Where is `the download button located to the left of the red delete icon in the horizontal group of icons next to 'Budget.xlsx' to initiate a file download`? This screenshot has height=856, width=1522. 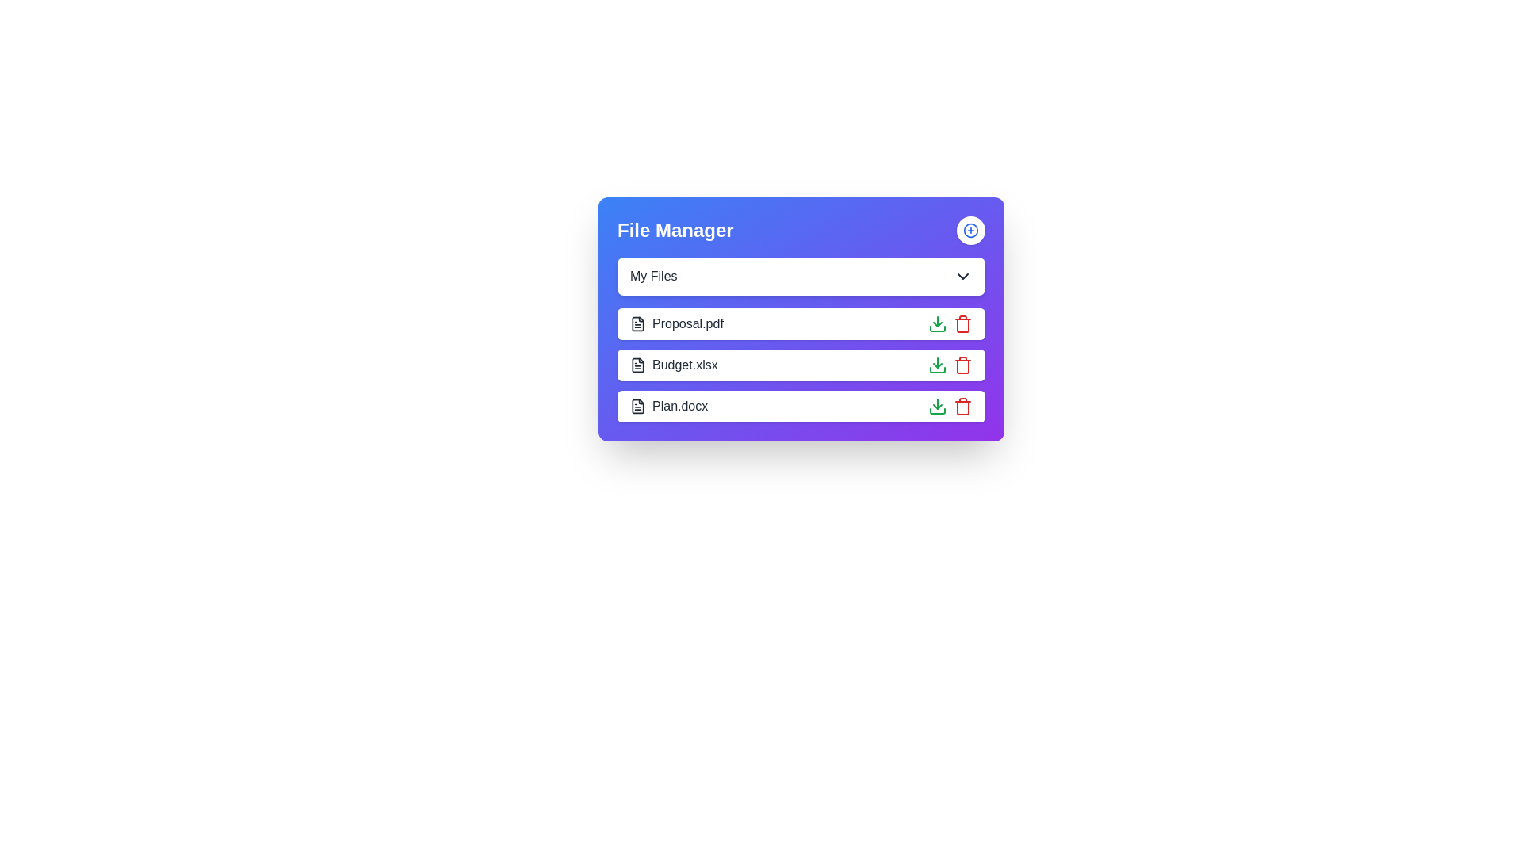
the download button located to the left of the red delete icon in the horizontal group of icons next to 'Budget.xlsx' to initiate a file download is located at coordinates (937, 365).